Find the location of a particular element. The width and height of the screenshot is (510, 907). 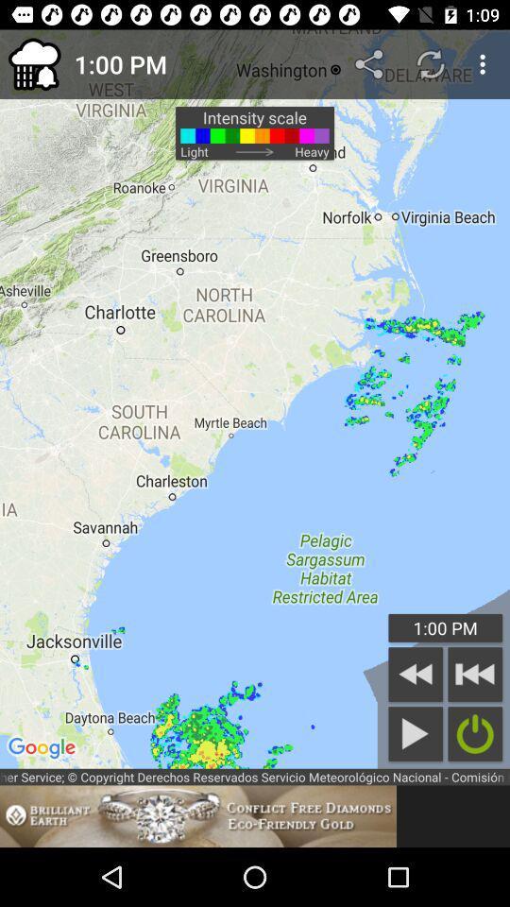

fast backward is located at coordinates (474, 674).